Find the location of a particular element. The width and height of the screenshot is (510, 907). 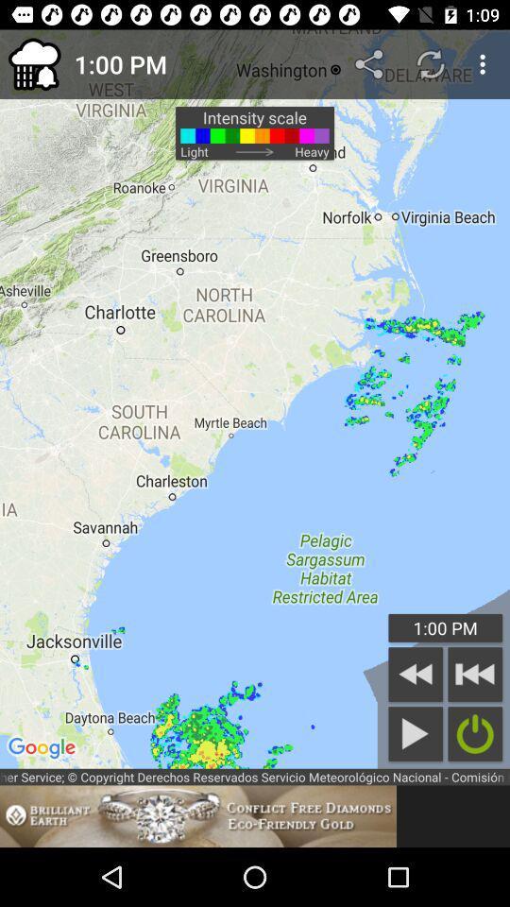

fast backward is located at coordinates (474, 674).